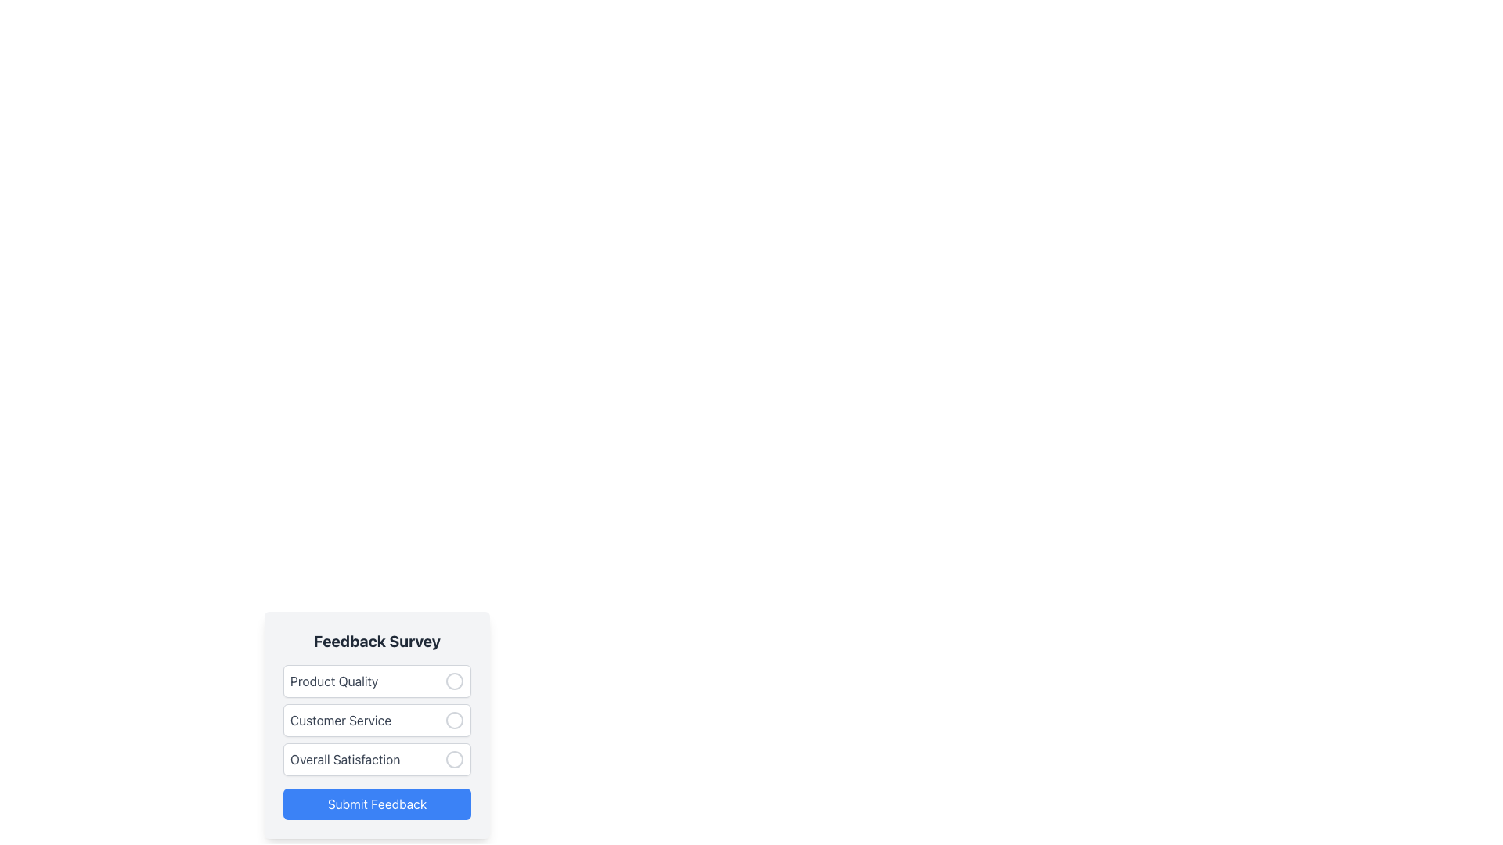 This screenshot has height=845, width=1503. Describe the element at coordinates (453, 759) in the screenshot. I see `the third radio button located to the right of the 'Overall Satisfaction' label in the feedback survey panel` at that location.